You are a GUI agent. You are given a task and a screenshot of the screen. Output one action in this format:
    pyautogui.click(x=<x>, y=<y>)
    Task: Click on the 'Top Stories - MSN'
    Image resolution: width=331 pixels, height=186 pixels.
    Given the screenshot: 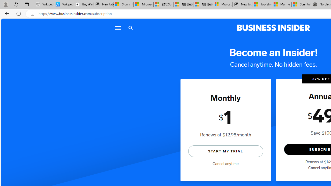 What is the action you would take?
    pyautogui.click(x=262, y=4)
    